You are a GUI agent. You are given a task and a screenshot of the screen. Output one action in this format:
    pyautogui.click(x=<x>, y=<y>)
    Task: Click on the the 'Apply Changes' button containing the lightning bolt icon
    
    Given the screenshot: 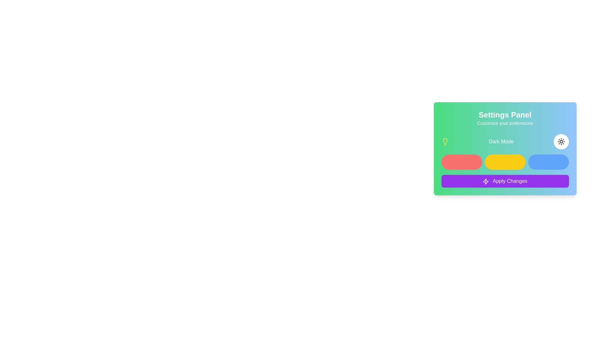 What is the action you would take?
    pyautogui.click(x=485, y=181)
    